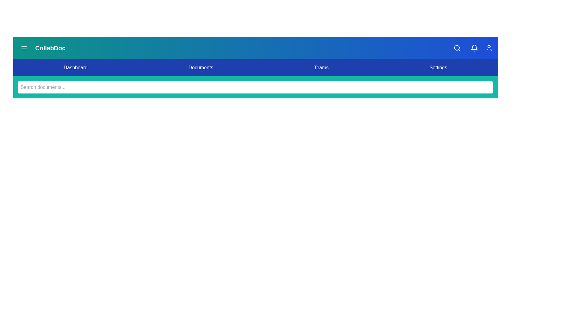  What do you see at coordinates (24, 48) in the screenshot?
I see `the menu_button to view its hover effect` at bounding box center [24, 48].